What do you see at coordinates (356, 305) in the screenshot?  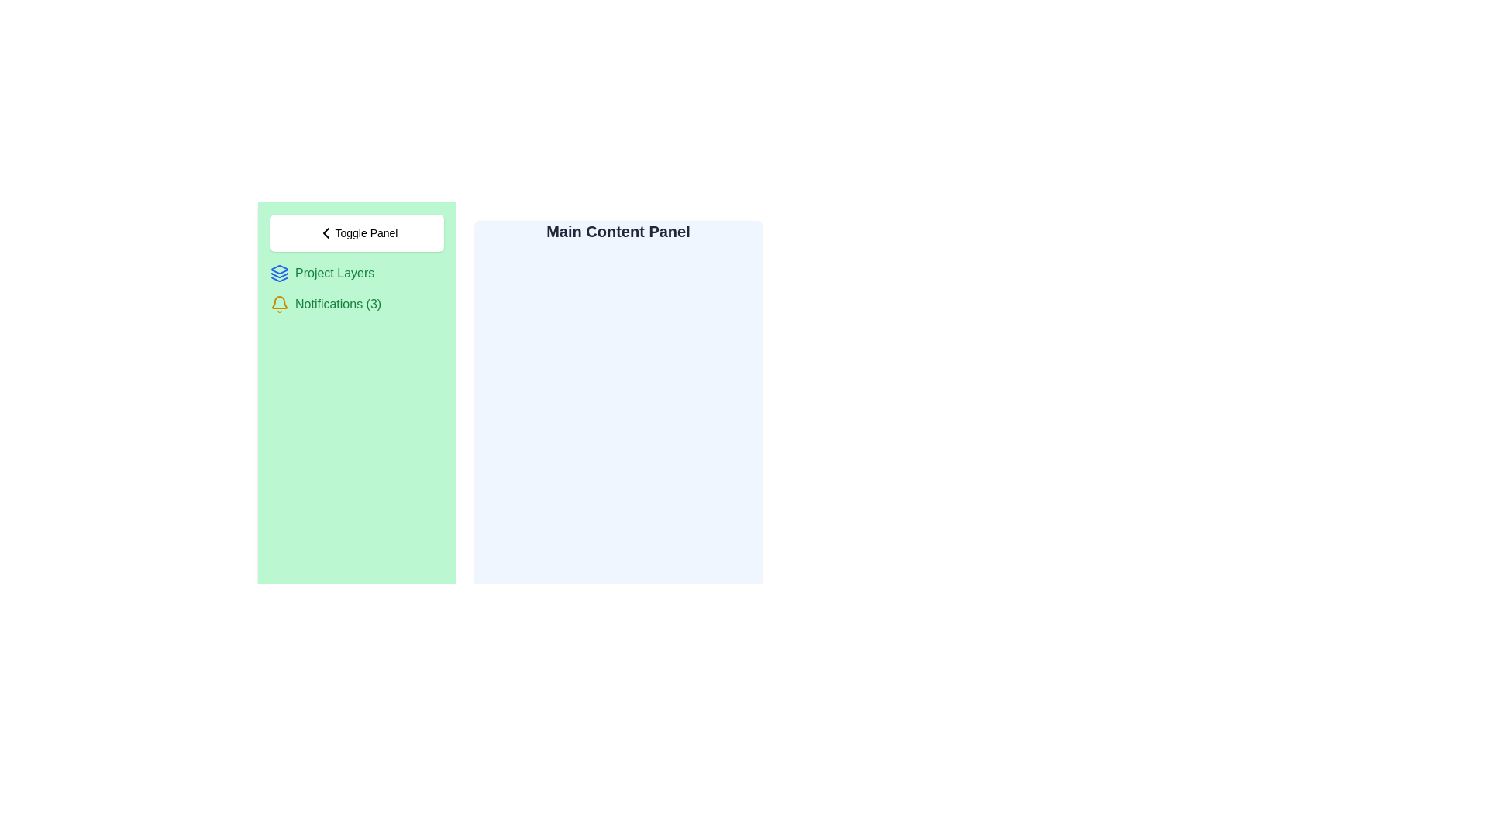 I see `the 'Notifications (3)' indicator with a bell icon located below the 'Project Layers' text in the left panel` at bounding box center [356, 305].